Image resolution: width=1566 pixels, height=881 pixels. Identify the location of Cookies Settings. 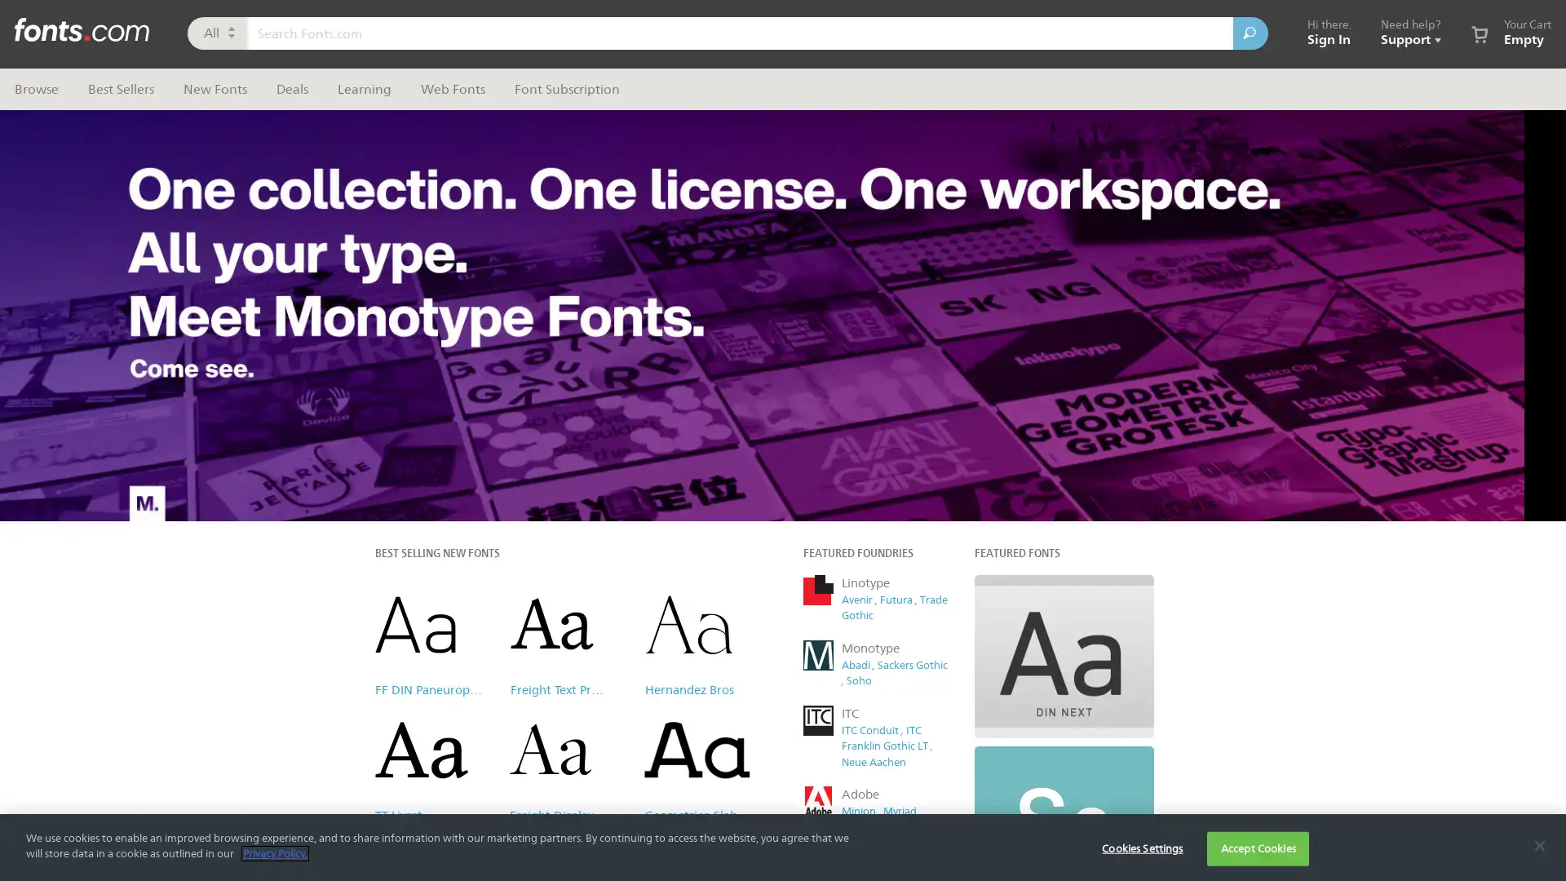
(1141, 848).